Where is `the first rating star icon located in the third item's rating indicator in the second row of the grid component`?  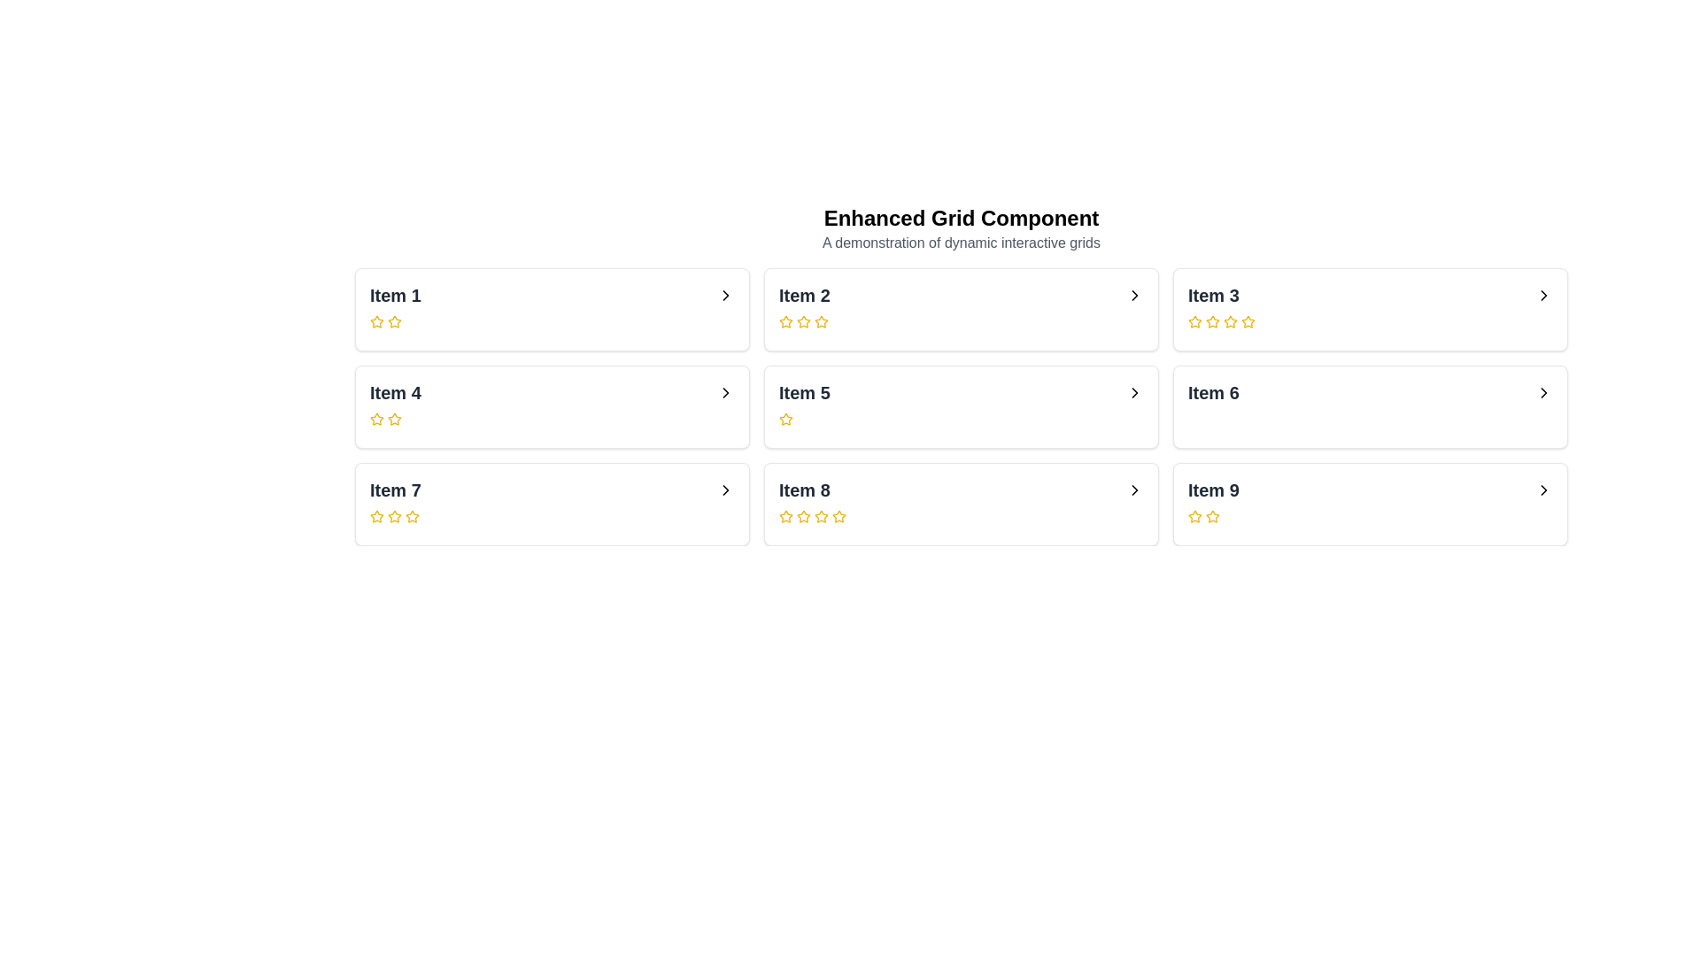
the first rating star icon located in the third item's rating indicator in the second row of the grid component is located at coordinates (1210, 320).